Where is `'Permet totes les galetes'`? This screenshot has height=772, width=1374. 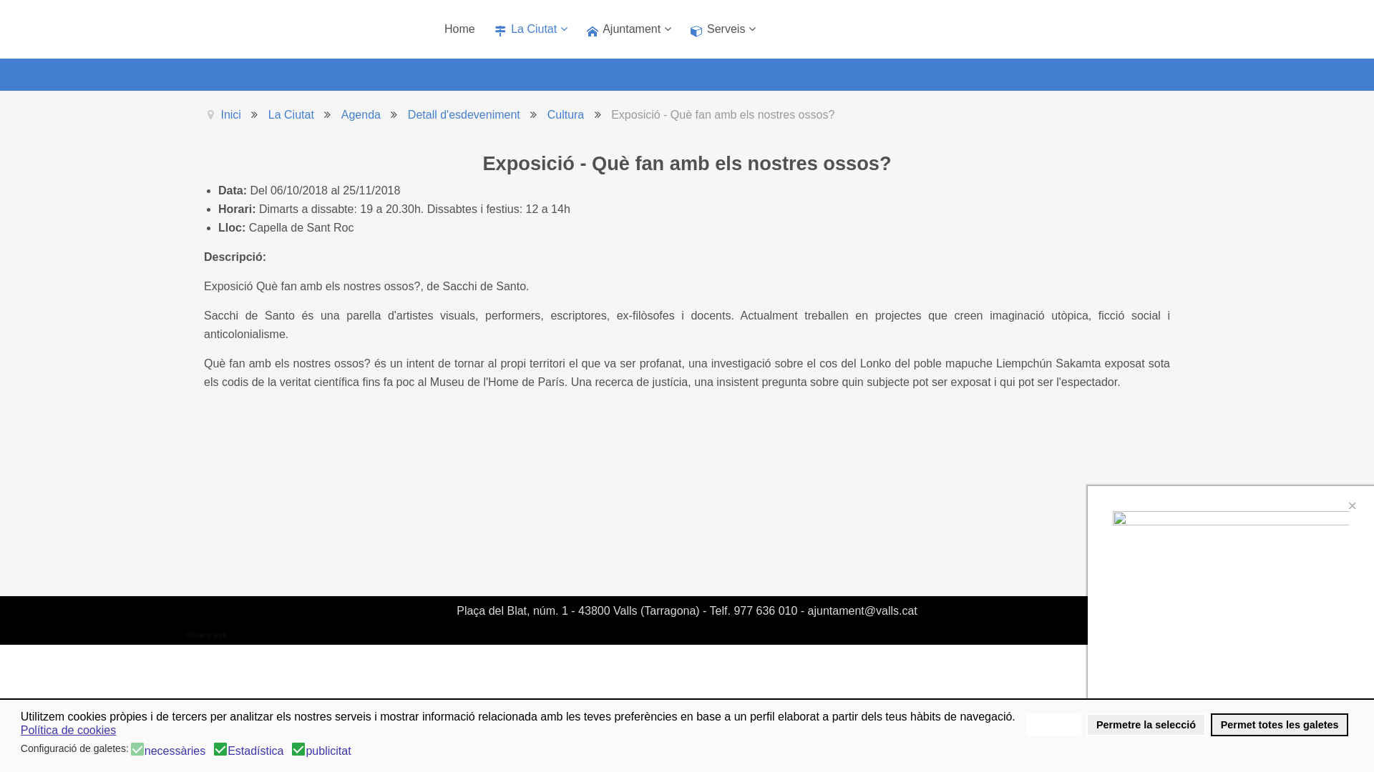
'Permet totes les galetes' is located at coordinates (1279, 725).